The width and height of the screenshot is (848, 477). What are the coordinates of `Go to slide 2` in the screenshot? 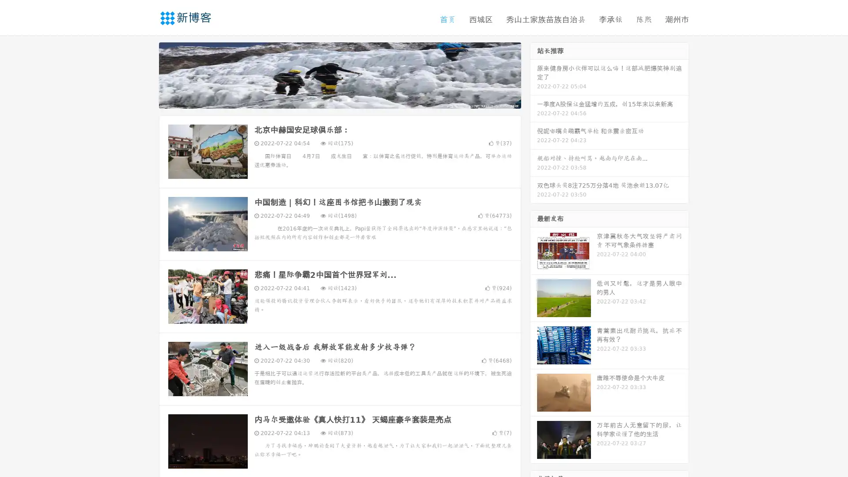 It's located at (339, 99).